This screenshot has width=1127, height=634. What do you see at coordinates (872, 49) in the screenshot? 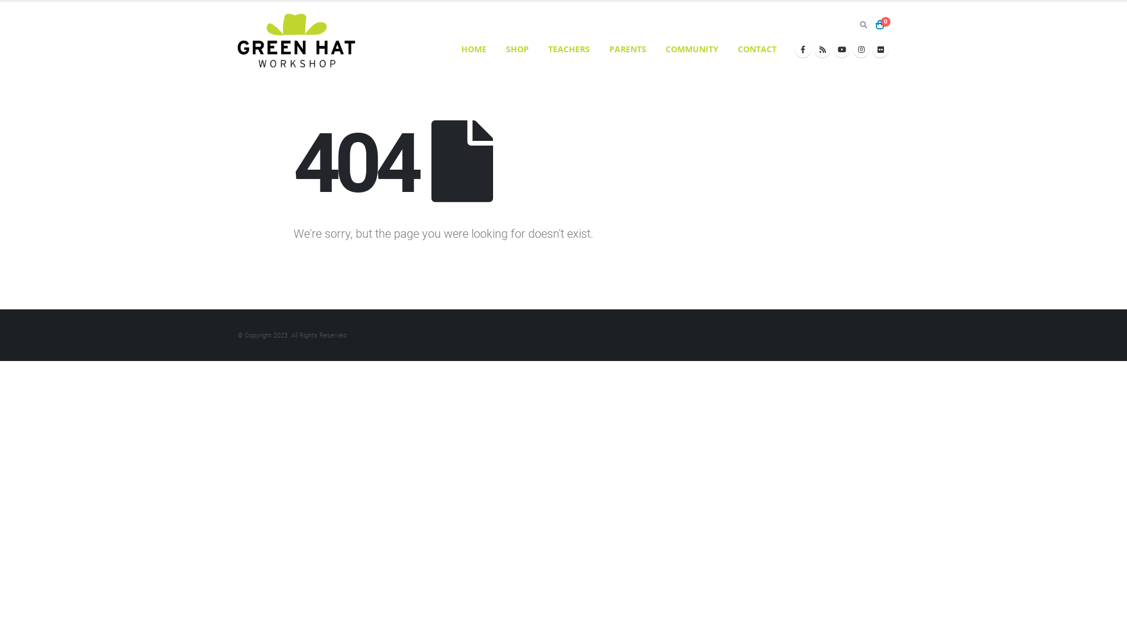
I see `'Flickr'` at bounding box center [872, 49].